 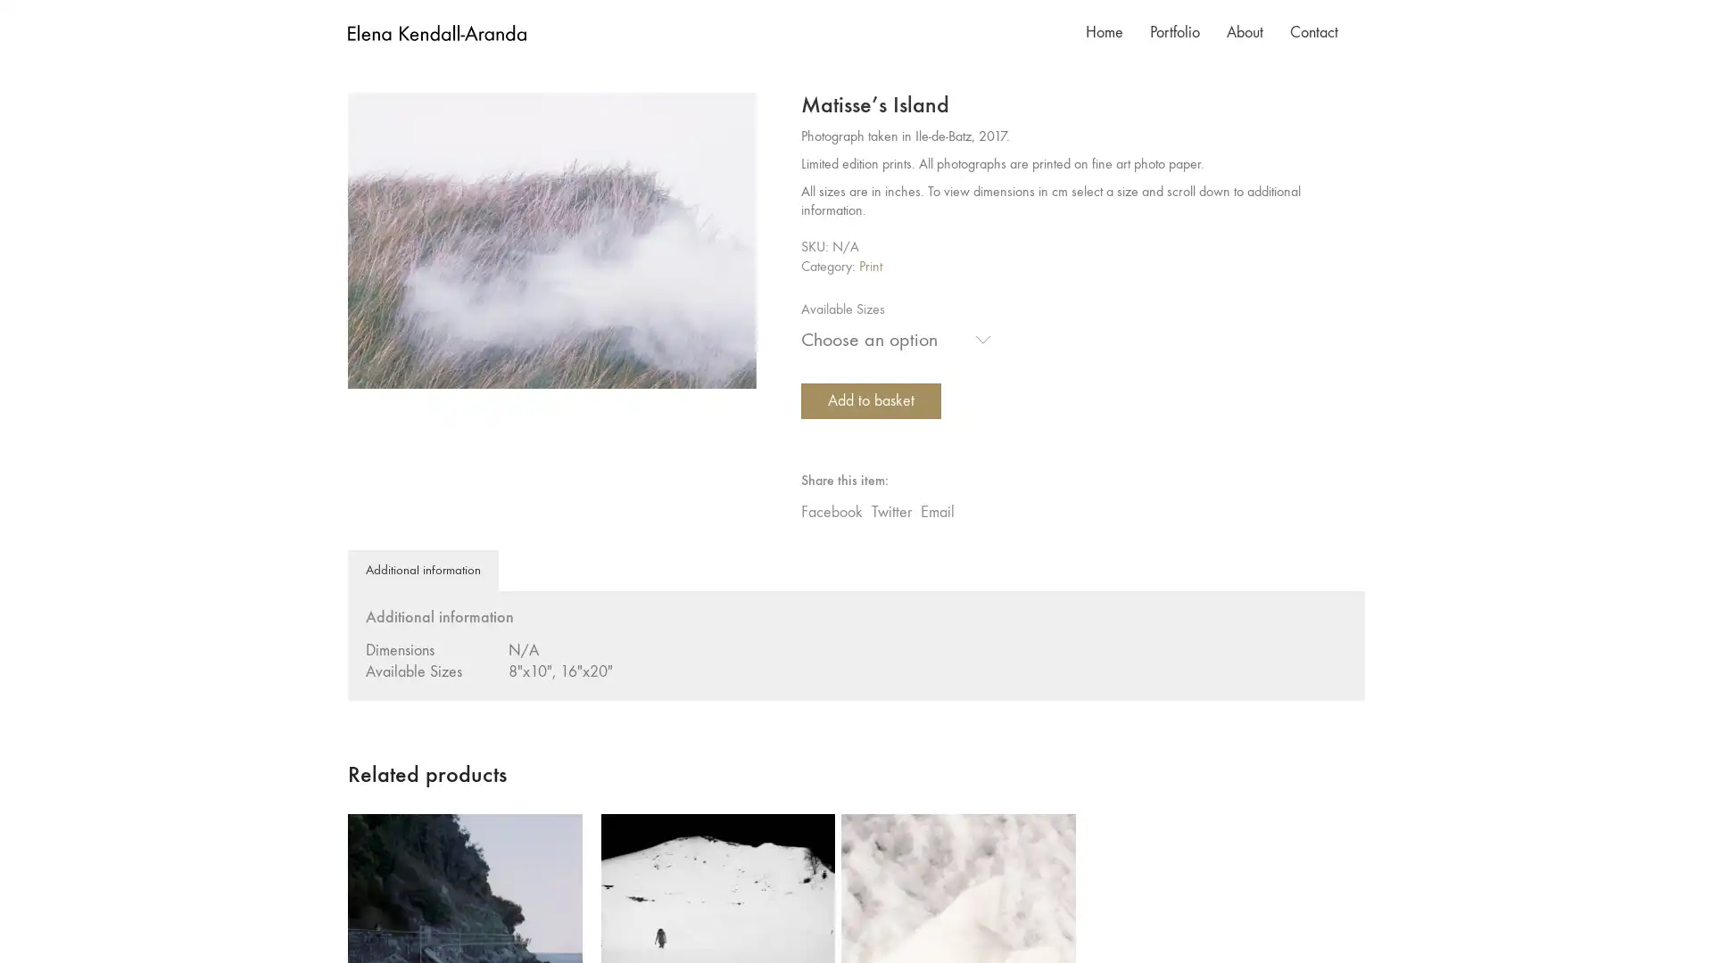 I want to click on Add to basket, so click(x=870, y=401).